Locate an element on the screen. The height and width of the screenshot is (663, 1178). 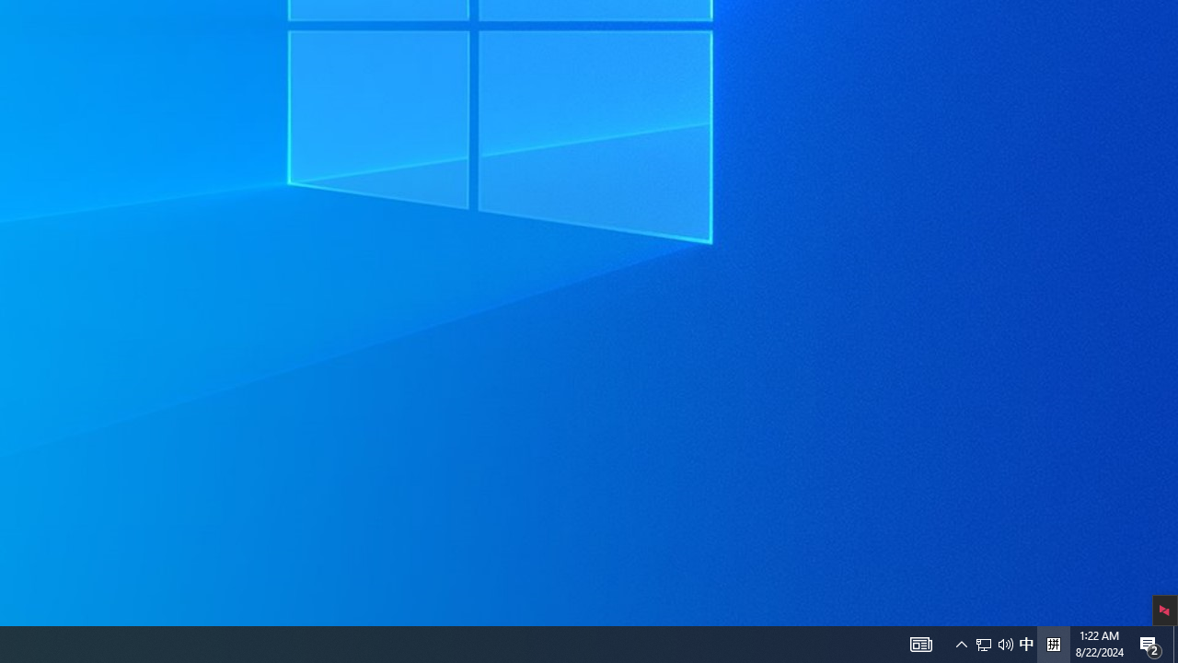
'Q2790: 100%' is located at coordinates (1025, 643).